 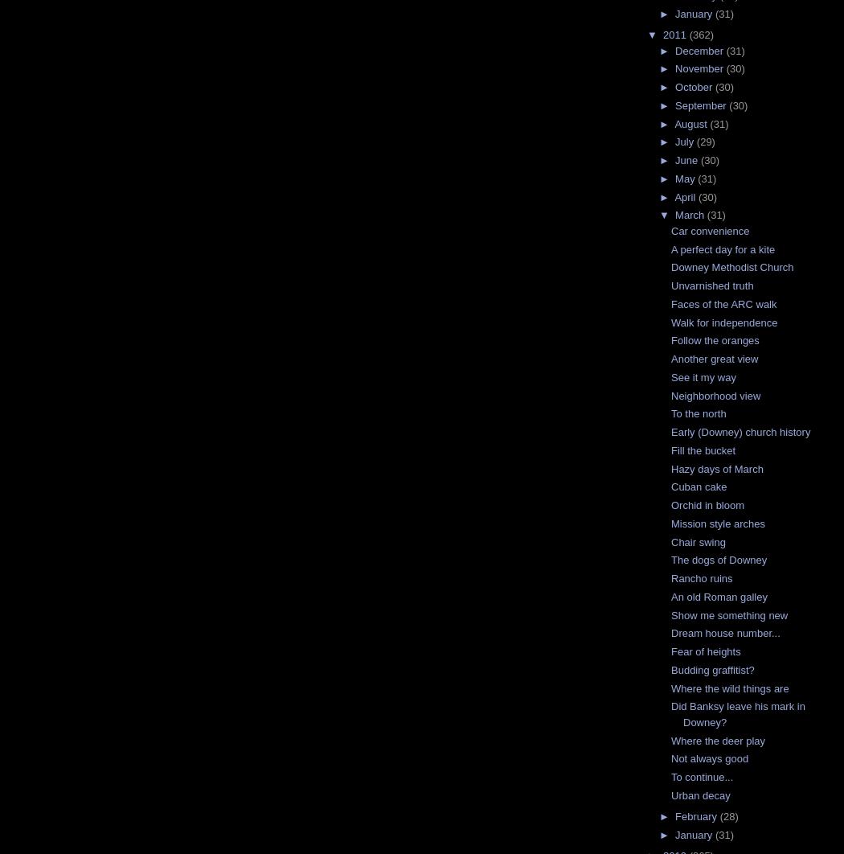 I want to click on 'Downey Methodist Church', so click(x=731, y=266).